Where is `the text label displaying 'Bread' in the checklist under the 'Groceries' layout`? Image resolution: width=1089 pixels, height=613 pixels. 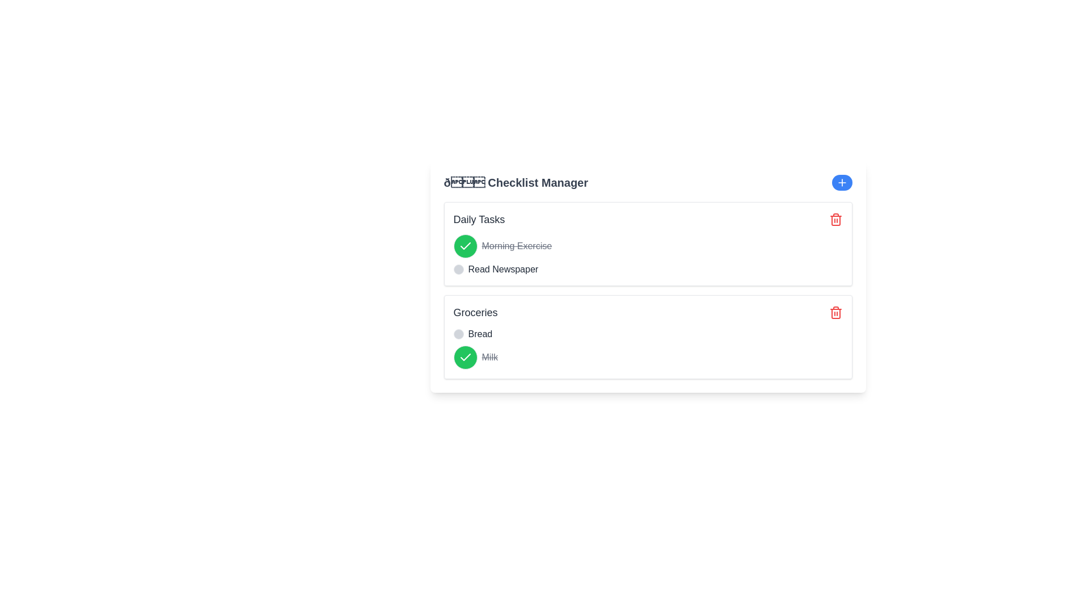
the text label displaying 'Bread' in the checklist under the 'Groceries' layout is located at coordinates (480, 334).